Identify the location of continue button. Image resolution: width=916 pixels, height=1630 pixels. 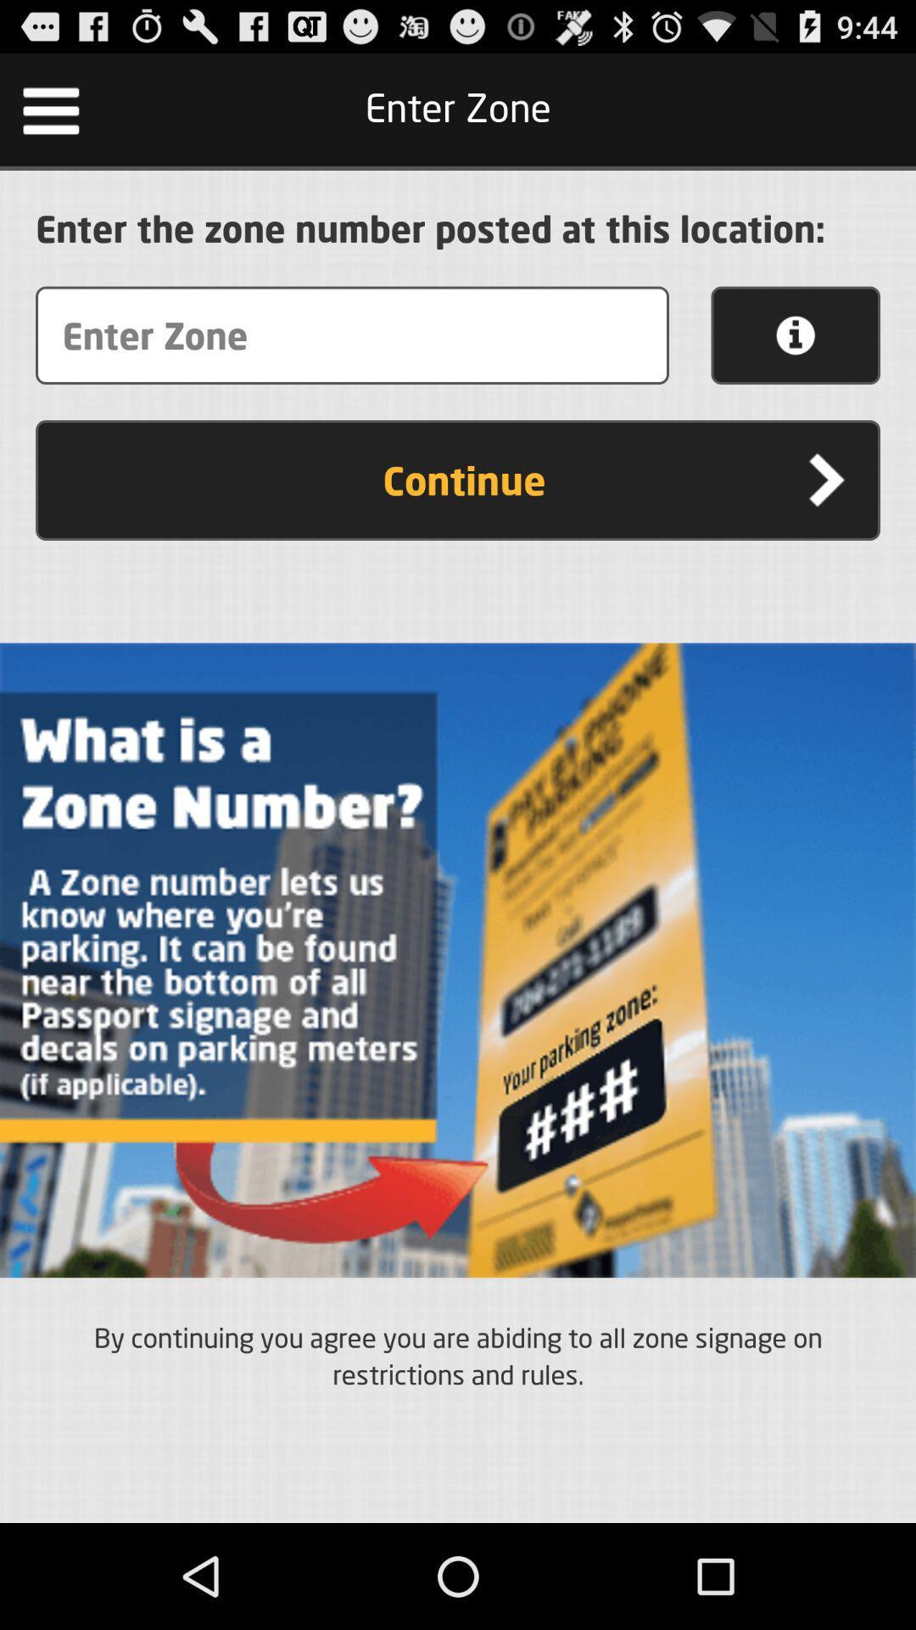
(458, 479).